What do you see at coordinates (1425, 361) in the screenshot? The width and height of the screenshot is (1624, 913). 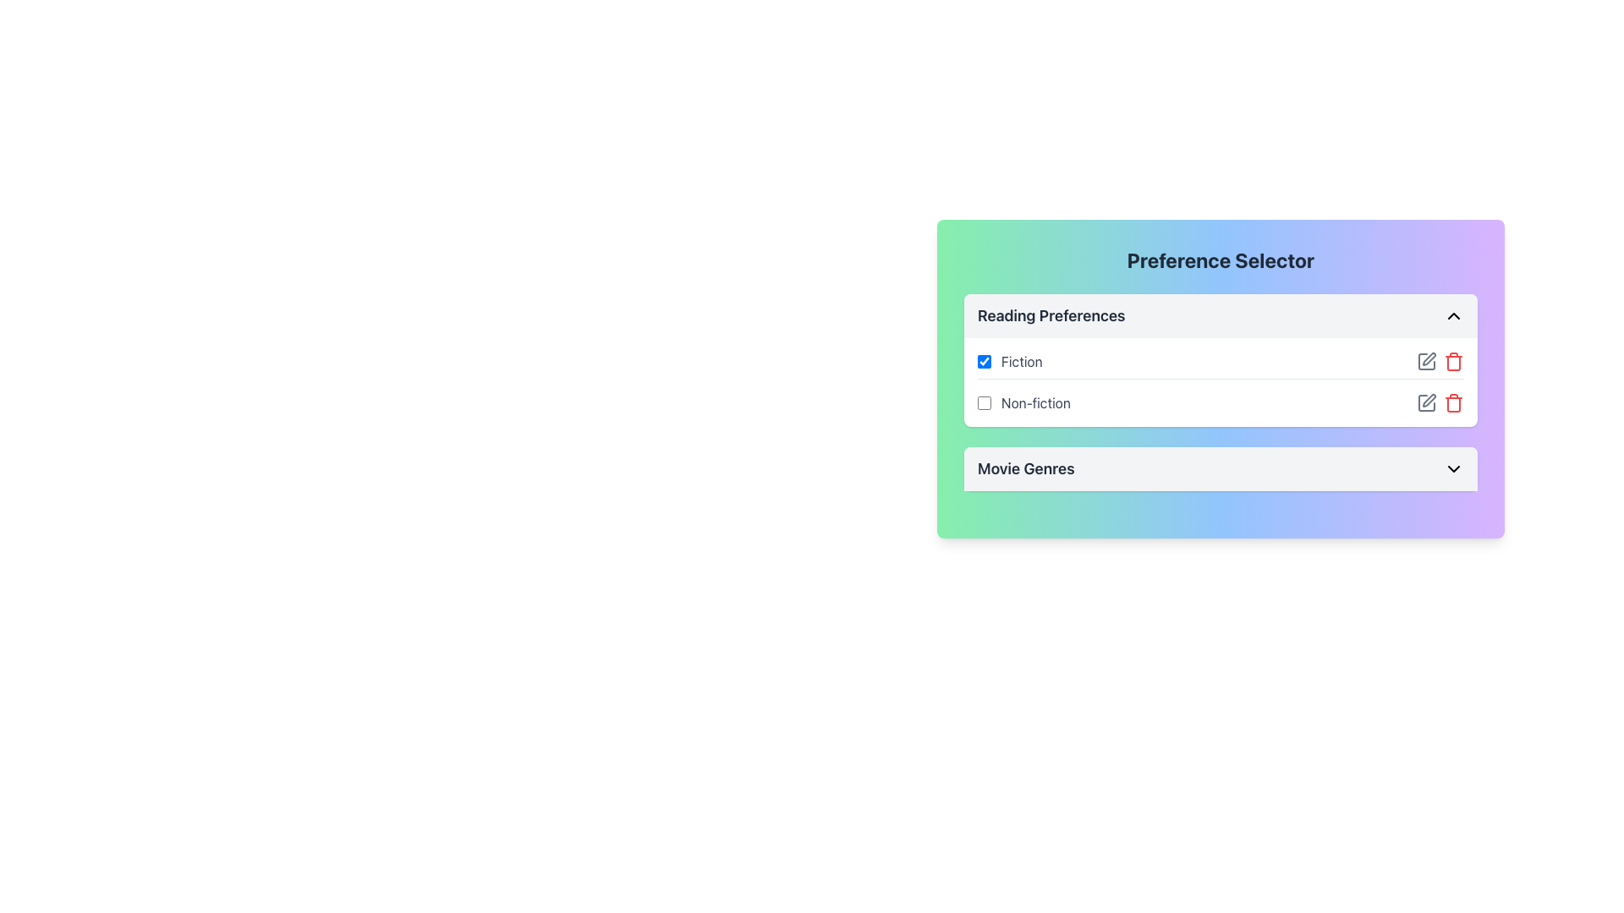 I see `the edit button located next to the 'Fiction' checkbox in the 'Reading Preferences' section` at bounding box center [1425, 361].